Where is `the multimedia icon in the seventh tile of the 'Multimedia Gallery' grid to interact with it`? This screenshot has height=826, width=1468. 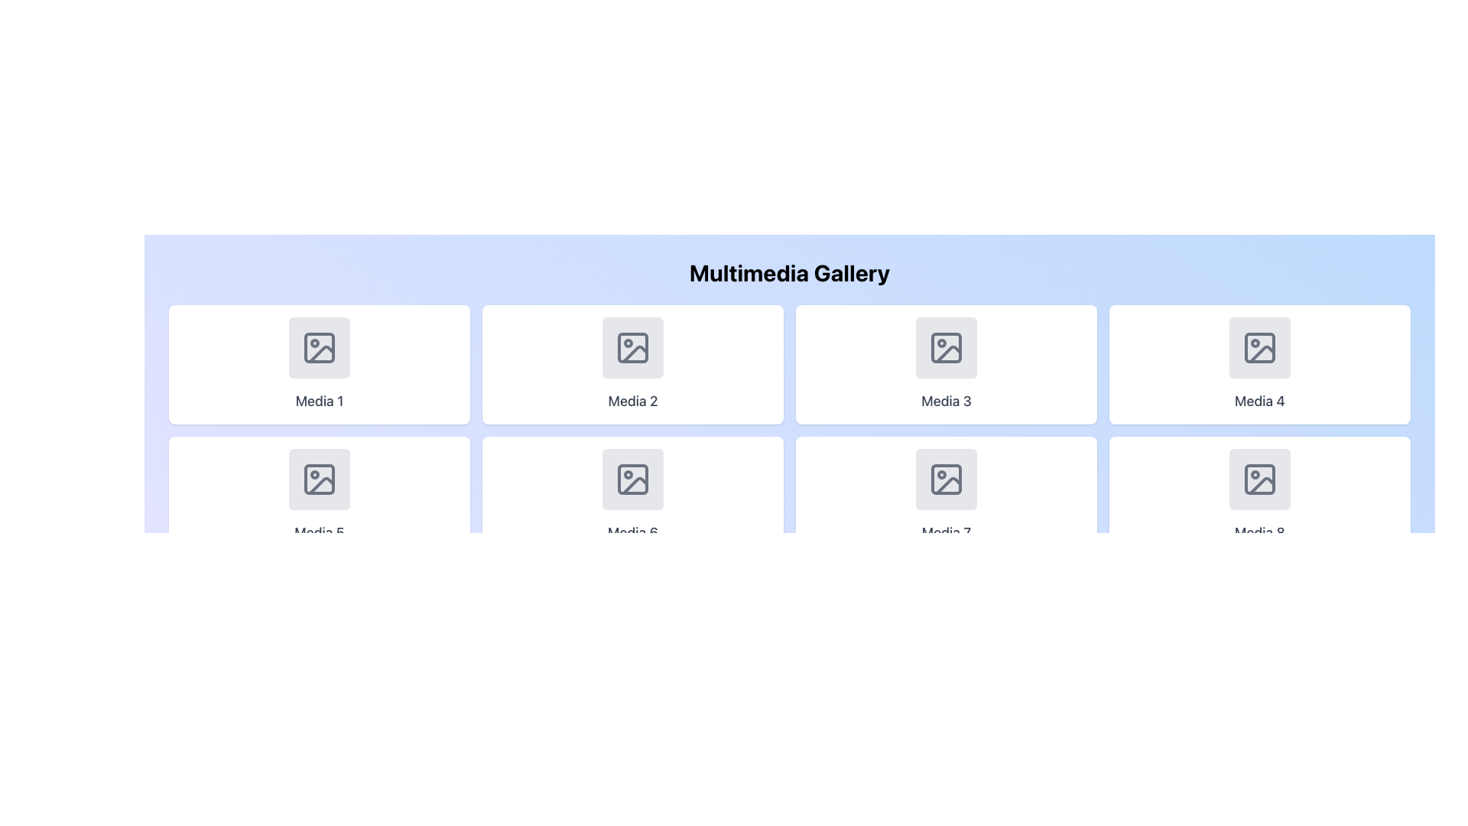
the multimedia icon in the seventh tile of the 'Multimedia Gallery' grid to interact with it is located at coordinates (946, 479).